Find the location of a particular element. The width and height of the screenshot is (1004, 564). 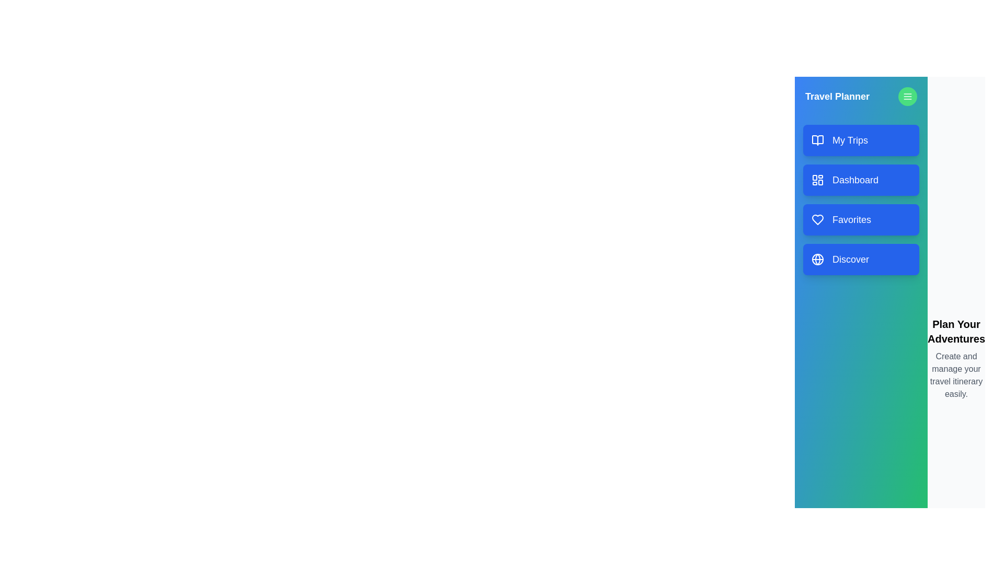

the menu item Dashboard to navigate is located at coordinates (861, 179).